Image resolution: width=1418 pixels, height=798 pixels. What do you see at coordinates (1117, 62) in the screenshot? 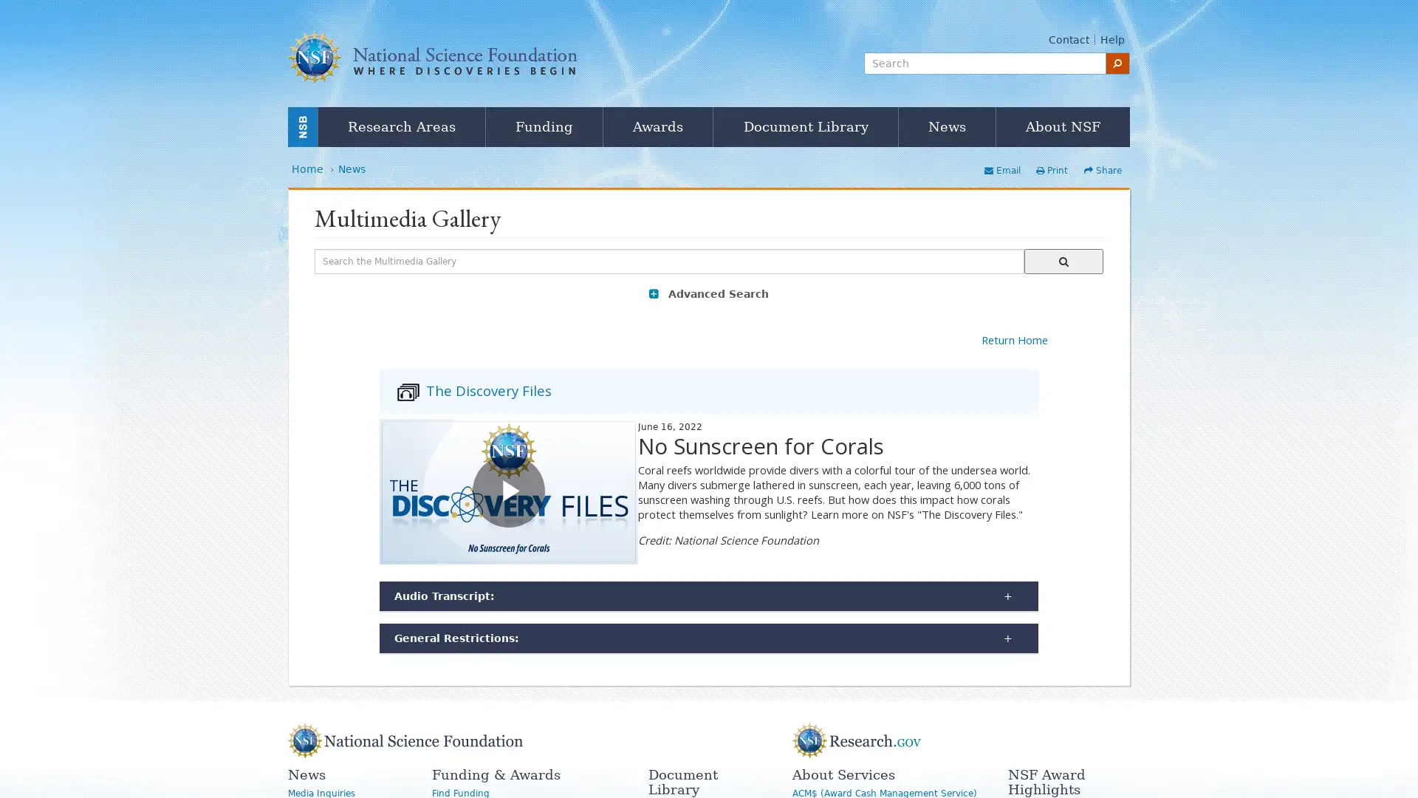
I see `search` at bounding box center [1117, 62].